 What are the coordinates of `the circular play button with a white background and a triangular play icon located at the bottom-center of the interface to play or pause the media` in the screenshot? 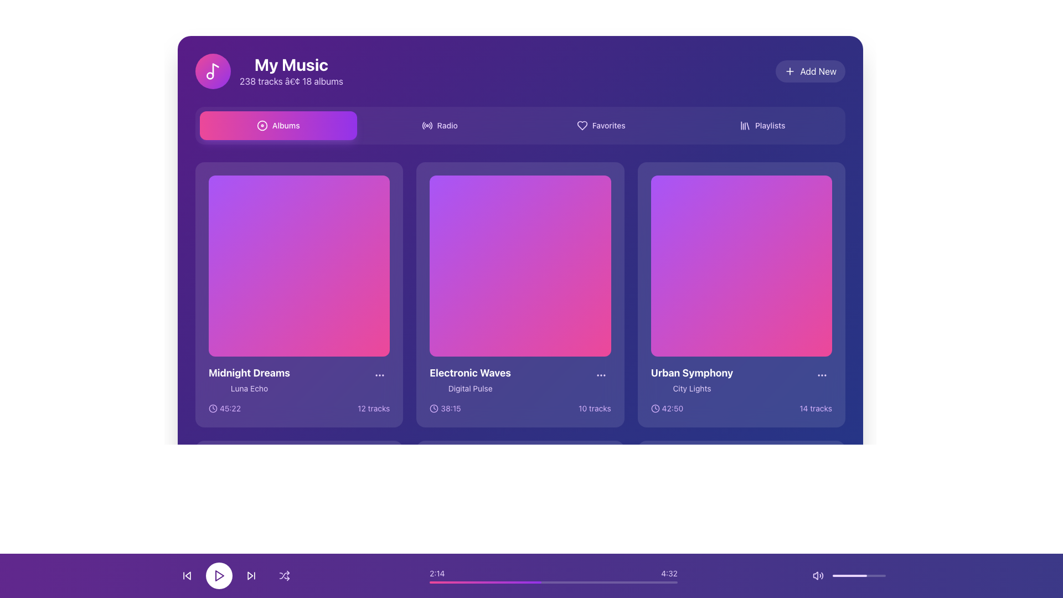 It's located at (235, 575).